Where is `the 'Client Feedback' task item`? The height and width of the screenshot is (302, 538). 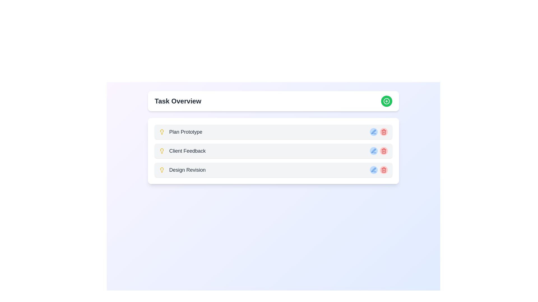
the 'Client Feedback' task item is located at coordinates (273, 151).